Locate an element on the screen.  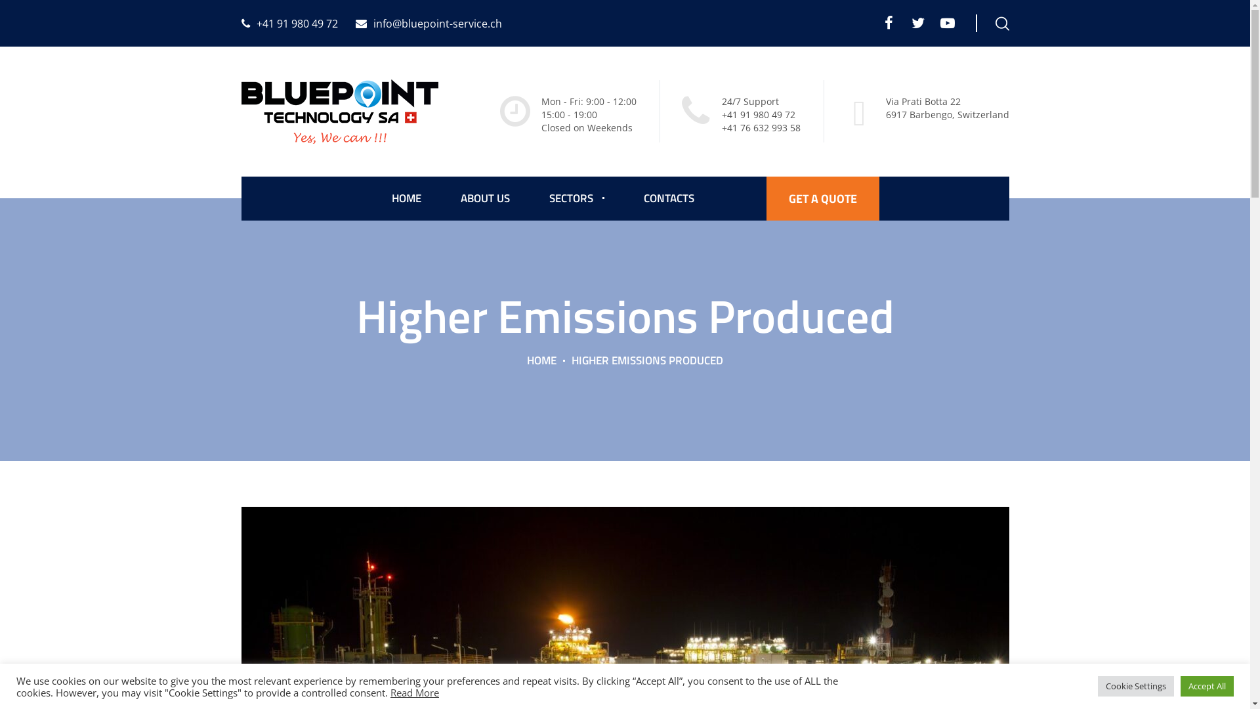
'Cookie Settings' is located at coordinates (1135, 685).